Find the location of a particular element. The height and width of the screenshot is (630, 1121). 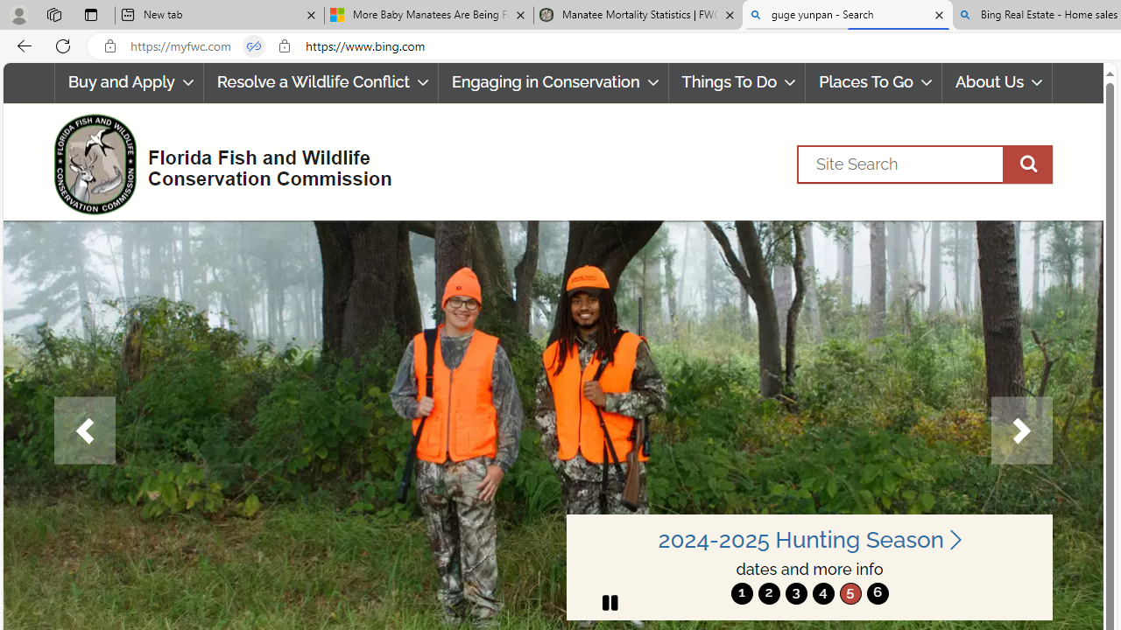

'About Us' is located at coordinates (997, 82).